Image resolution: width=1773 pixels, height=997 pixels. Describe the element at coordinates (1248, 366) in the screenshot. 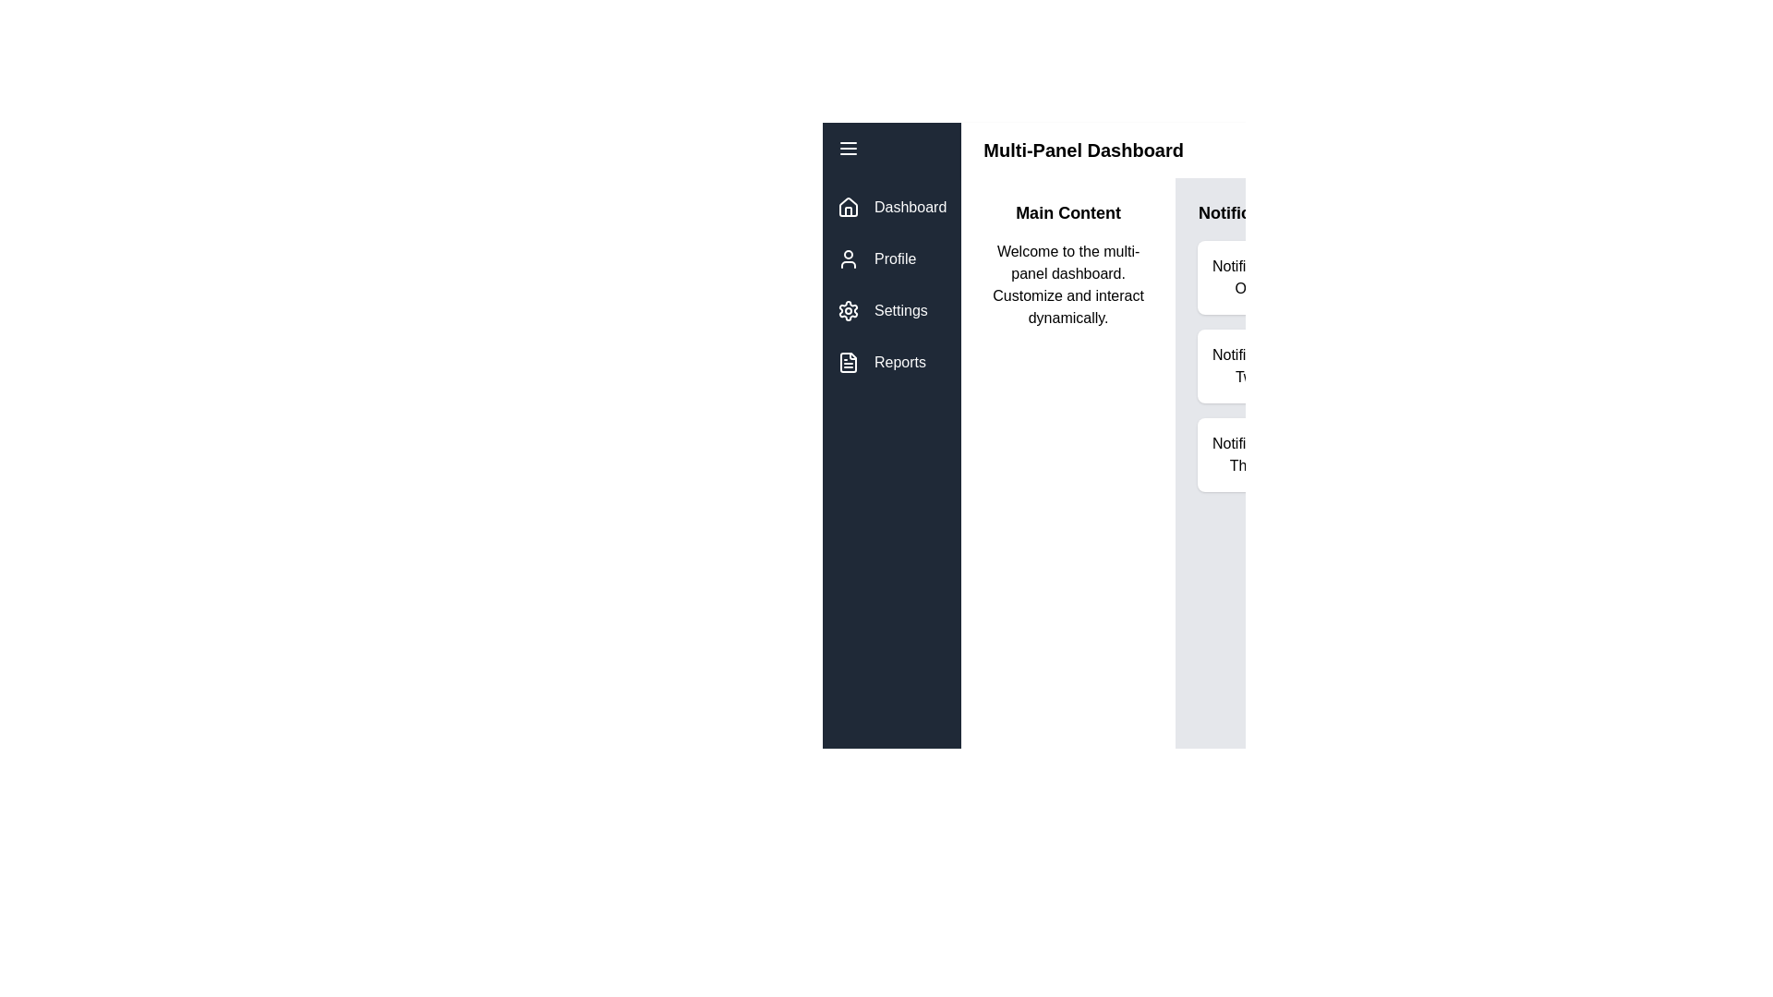

I see `the second notification card` at that location.